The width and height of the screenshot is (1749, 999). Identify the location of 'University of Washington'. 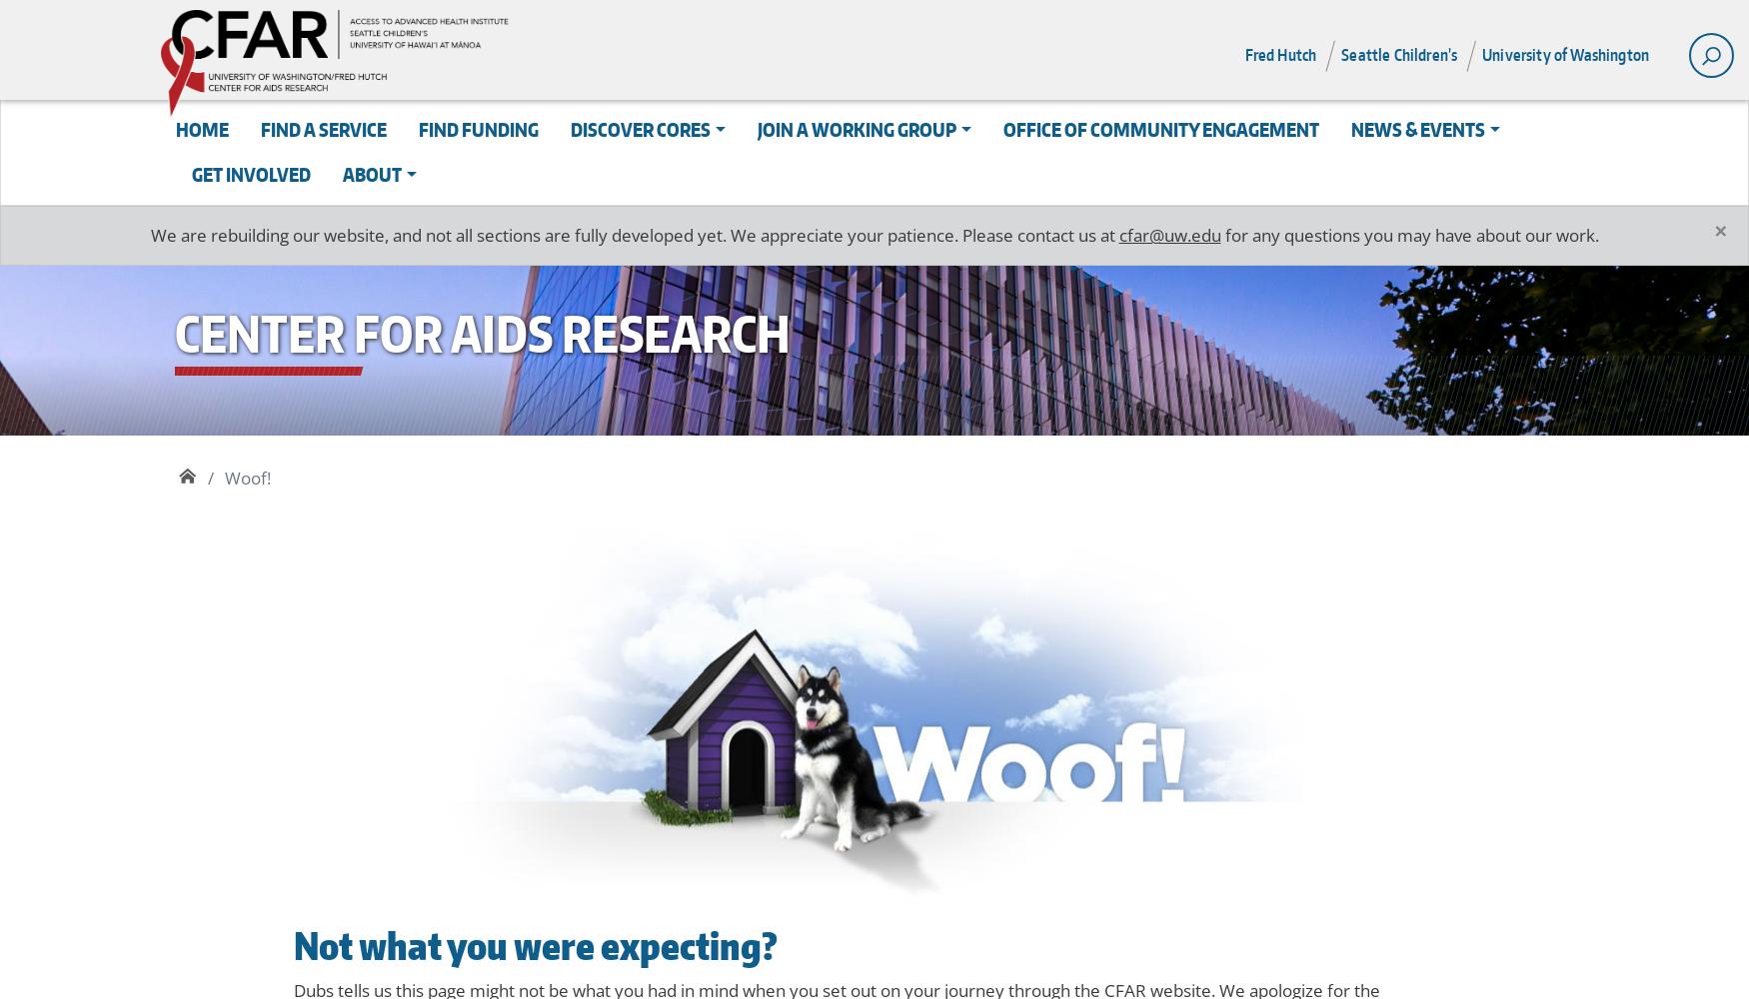
(1565, 55).